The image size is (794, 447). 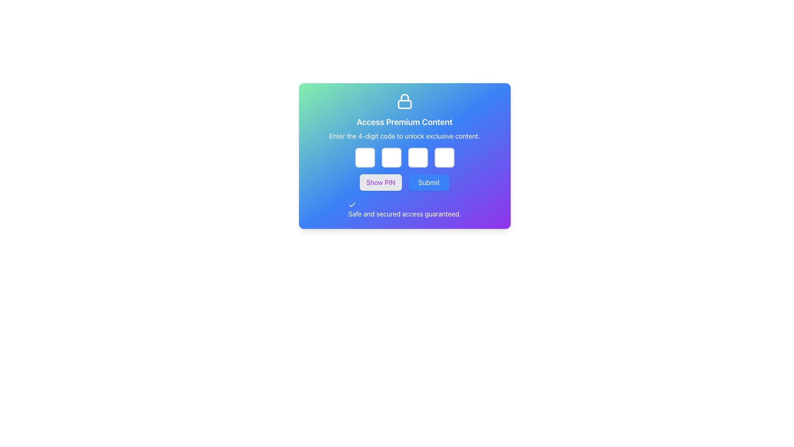 What do you see at coordinates (380, 182) in the screenshot?
I see `the button located to the left of the 'Submit' button` at bounding box center [380, 182].